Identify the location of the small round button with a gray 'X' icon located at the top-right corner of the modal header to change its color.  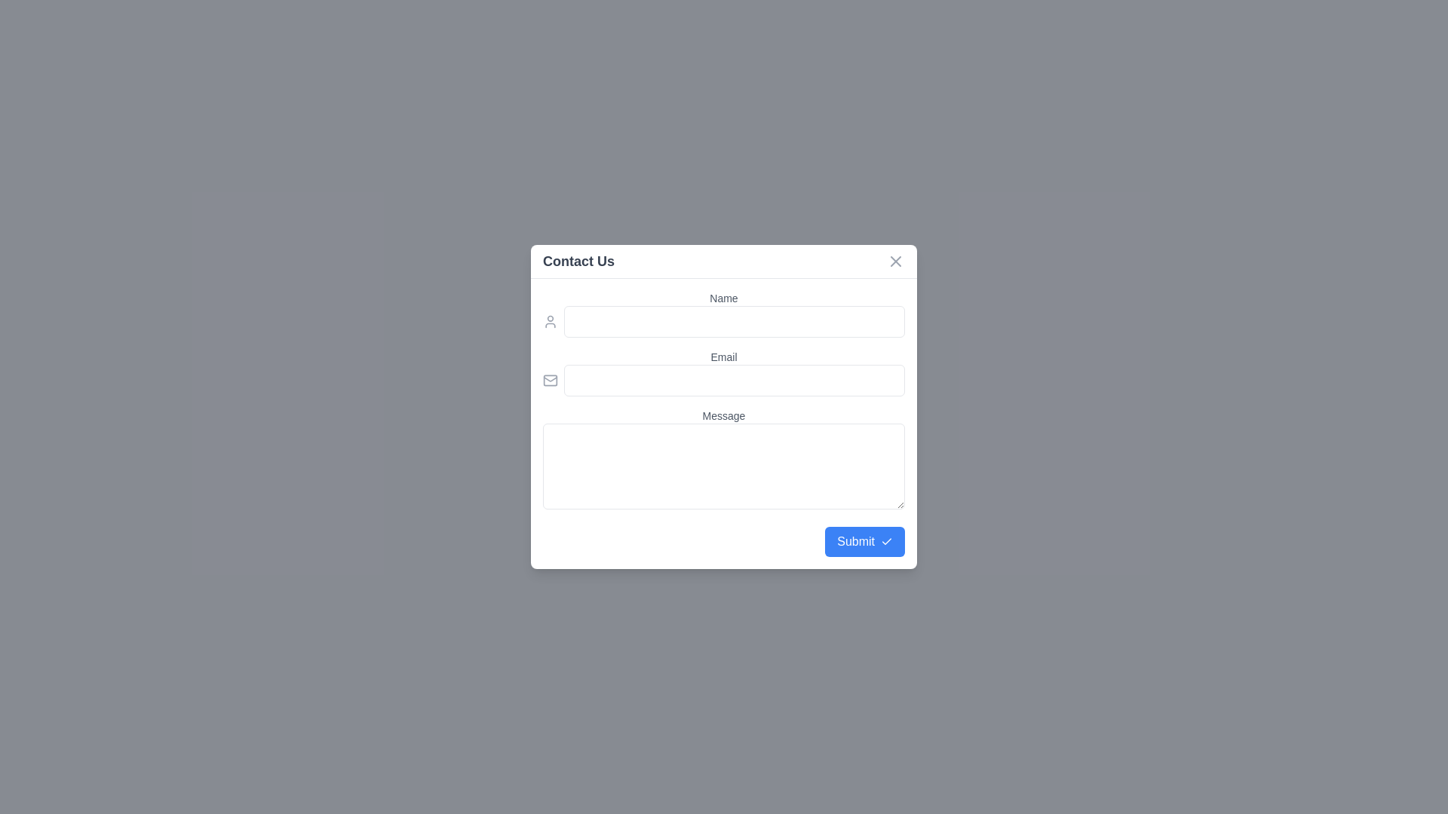
(896, 261).